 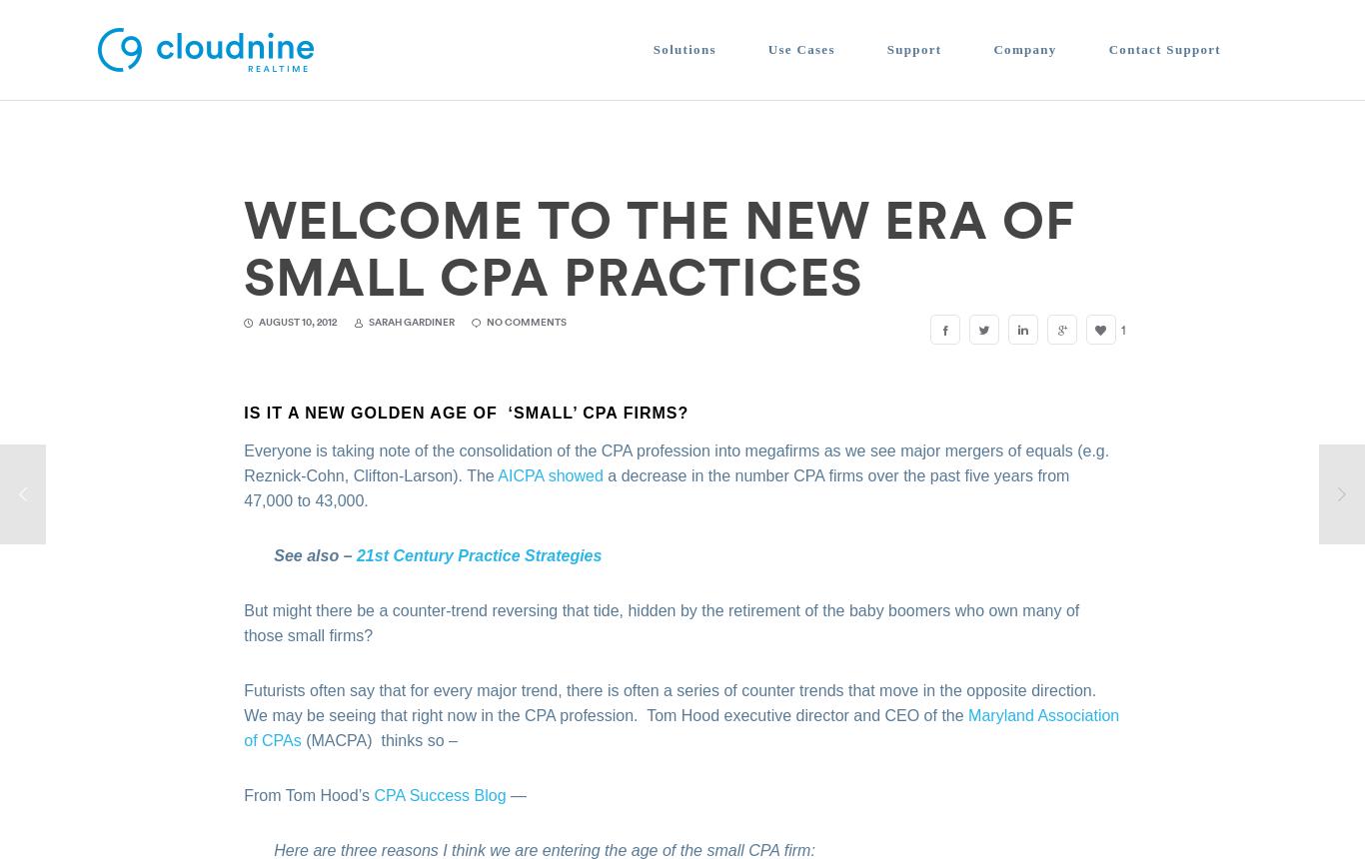 I want to click on 'See also –', so click(x=274, y=554).